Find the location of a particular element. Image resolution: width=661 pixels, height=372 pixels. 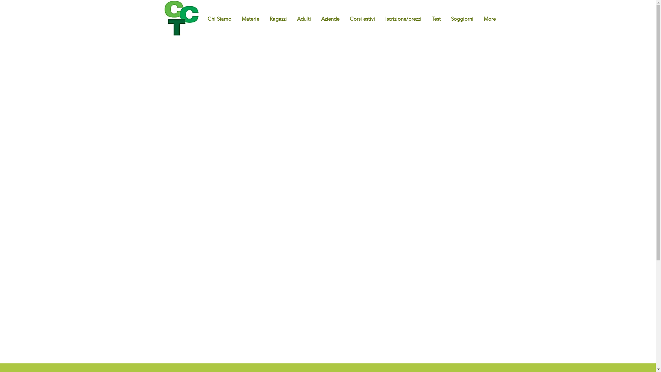

'Chi Siamo' is located at coordinates (182, 15).